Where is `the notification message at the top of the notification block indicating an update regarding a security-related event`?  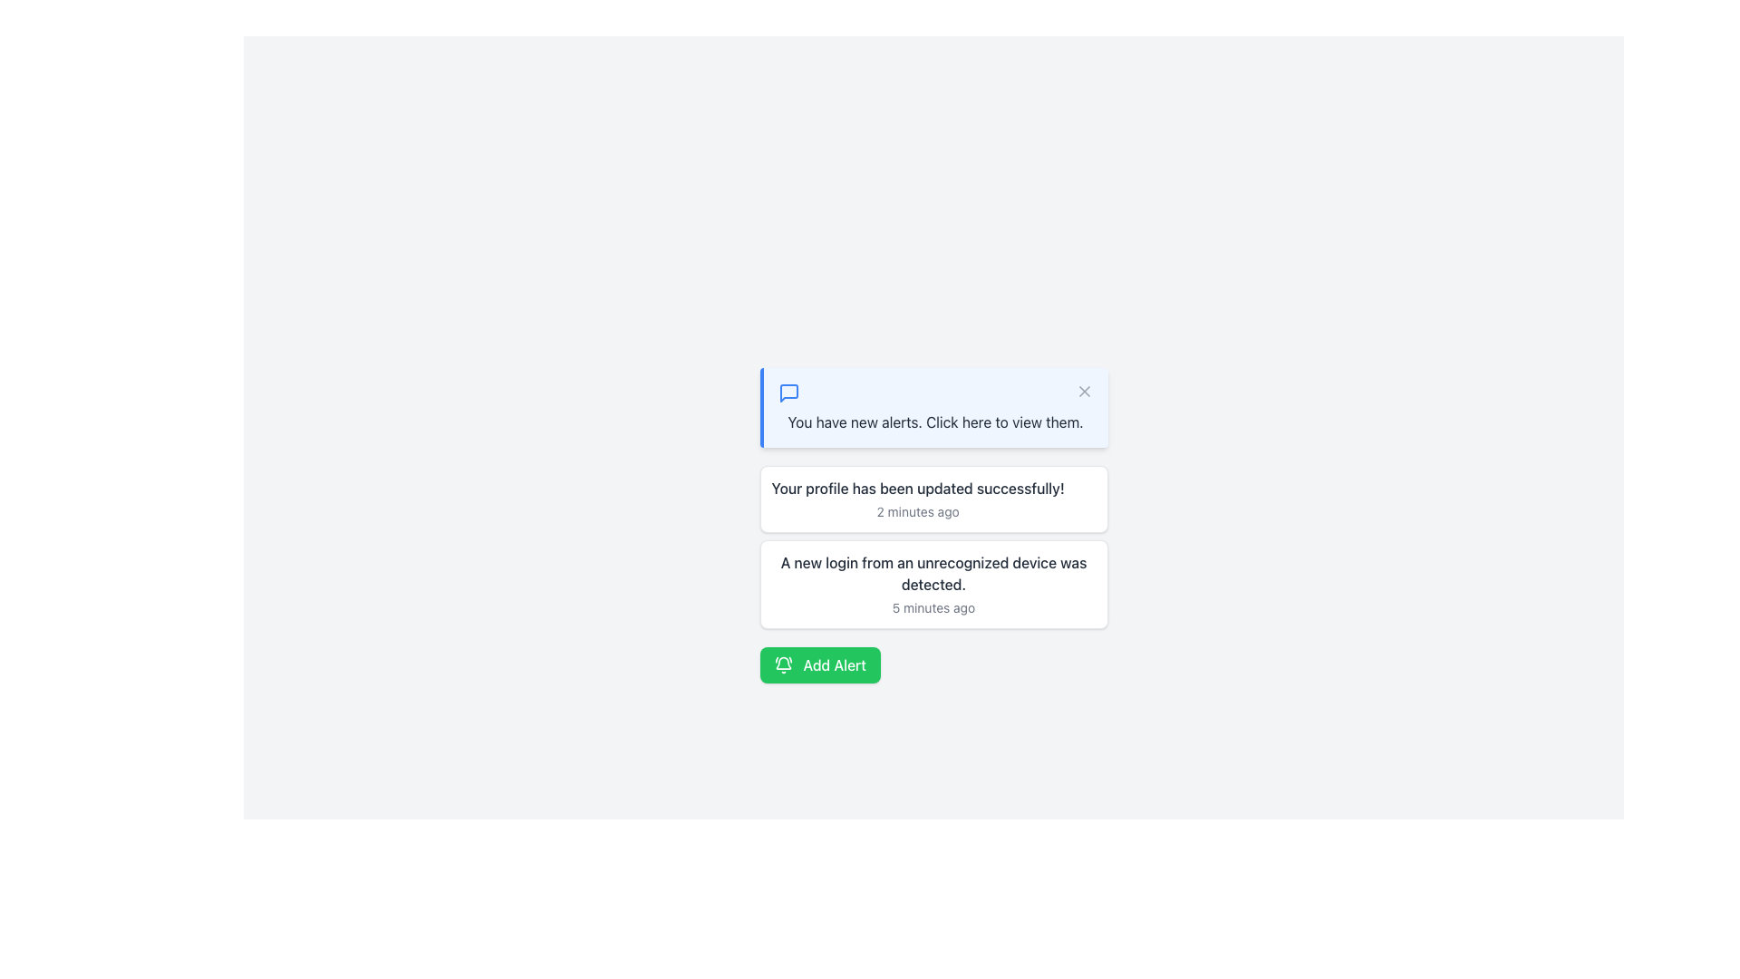
the notification message at the top of the notification block indicating an update regarding a security-related event is located at coordinates (933, 573).